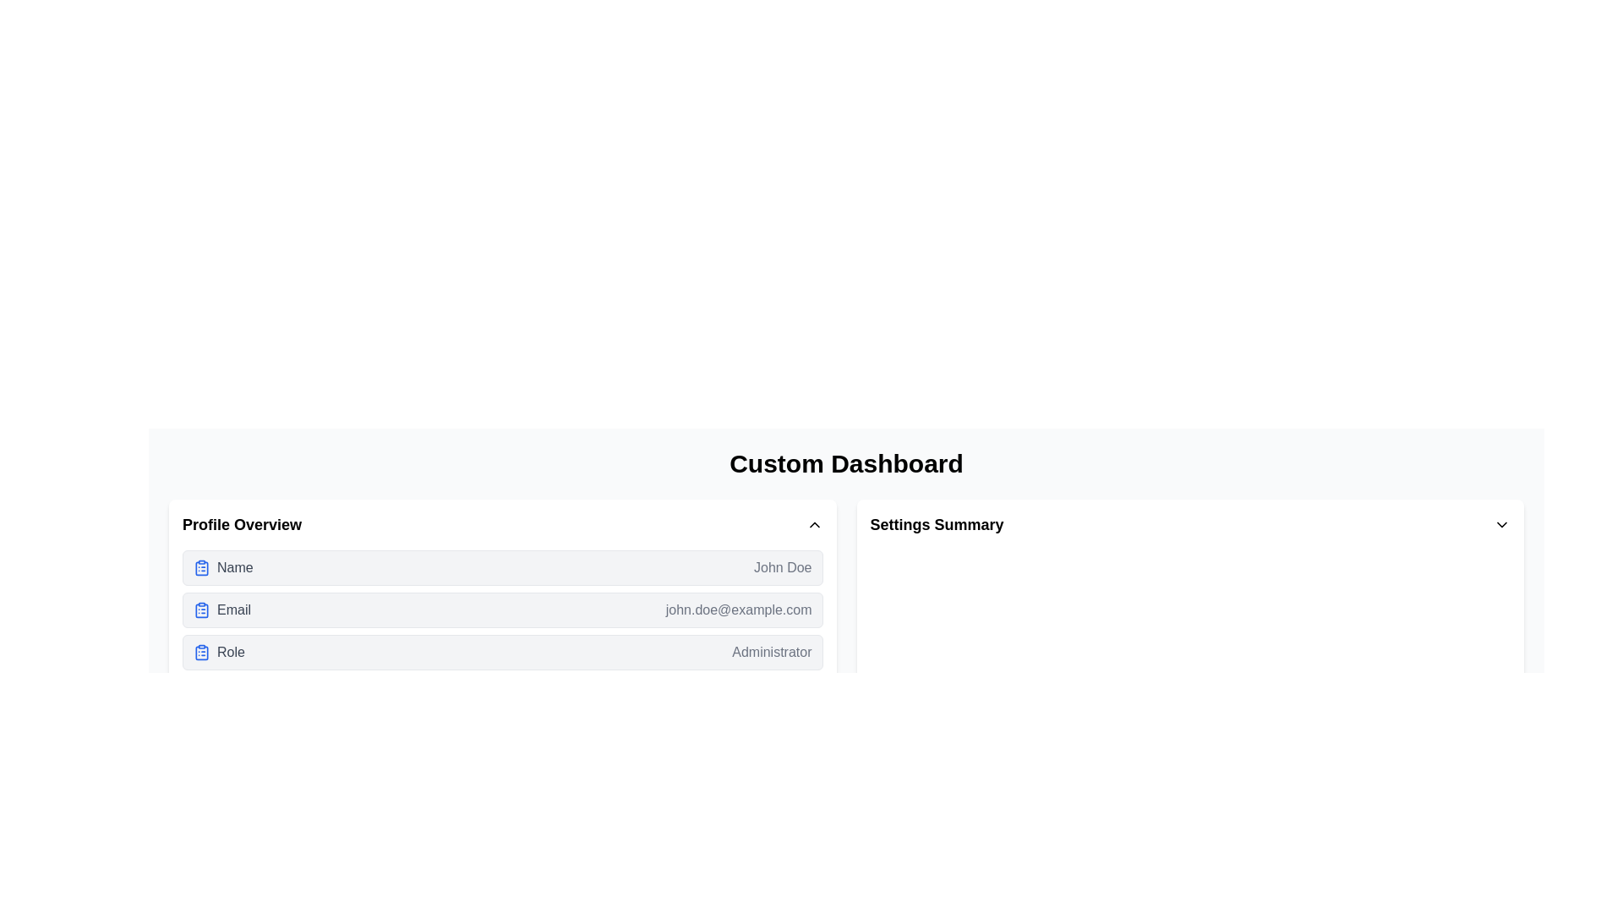 This screenshot has height=913, width=1623. I want to click on the clipboard-like blue icon located to the left of the text 'Name' in the 'Profile Overview' section, so click(202, 567).